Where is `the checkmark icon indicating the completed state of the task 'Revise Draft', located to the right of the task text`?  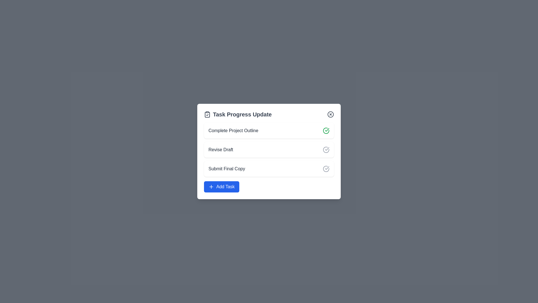
the checkmark icon indicating the completed state of the task 'Revise Draft', located to the right of the task text is located at coordinates (327, 149).